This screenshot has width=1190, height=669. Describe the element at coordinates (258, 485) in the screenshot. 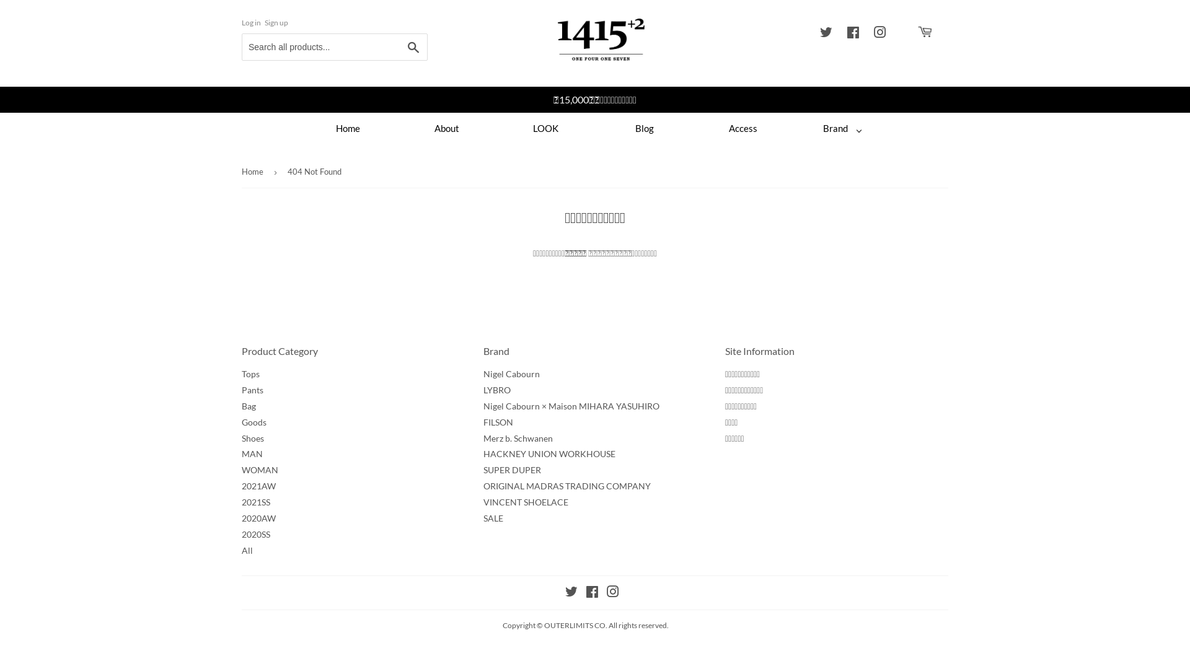

I see `'2021AW'` at that location.